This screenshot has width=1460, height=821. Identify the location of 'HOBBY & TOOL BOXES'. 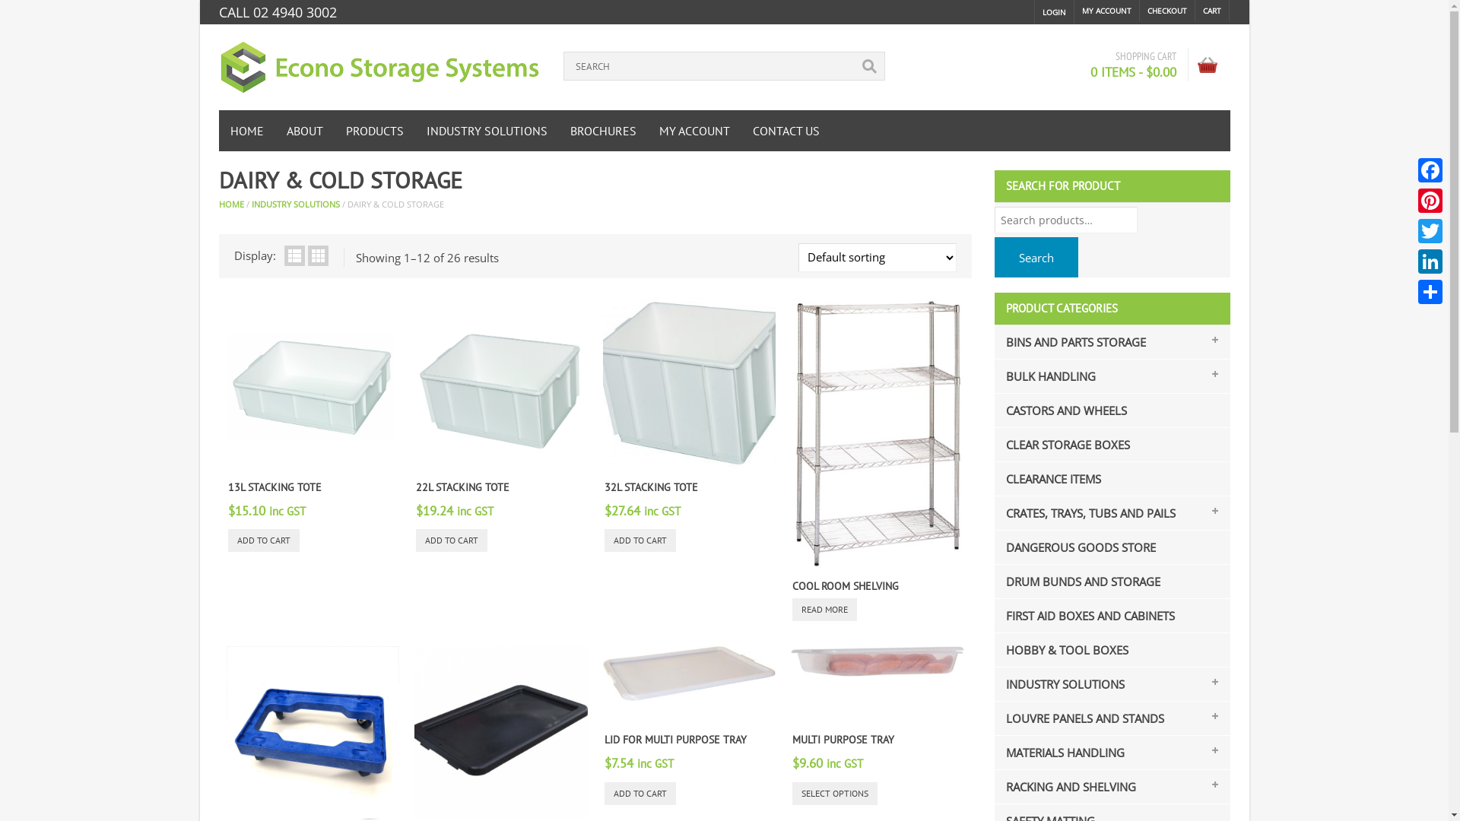
(1061, 650).